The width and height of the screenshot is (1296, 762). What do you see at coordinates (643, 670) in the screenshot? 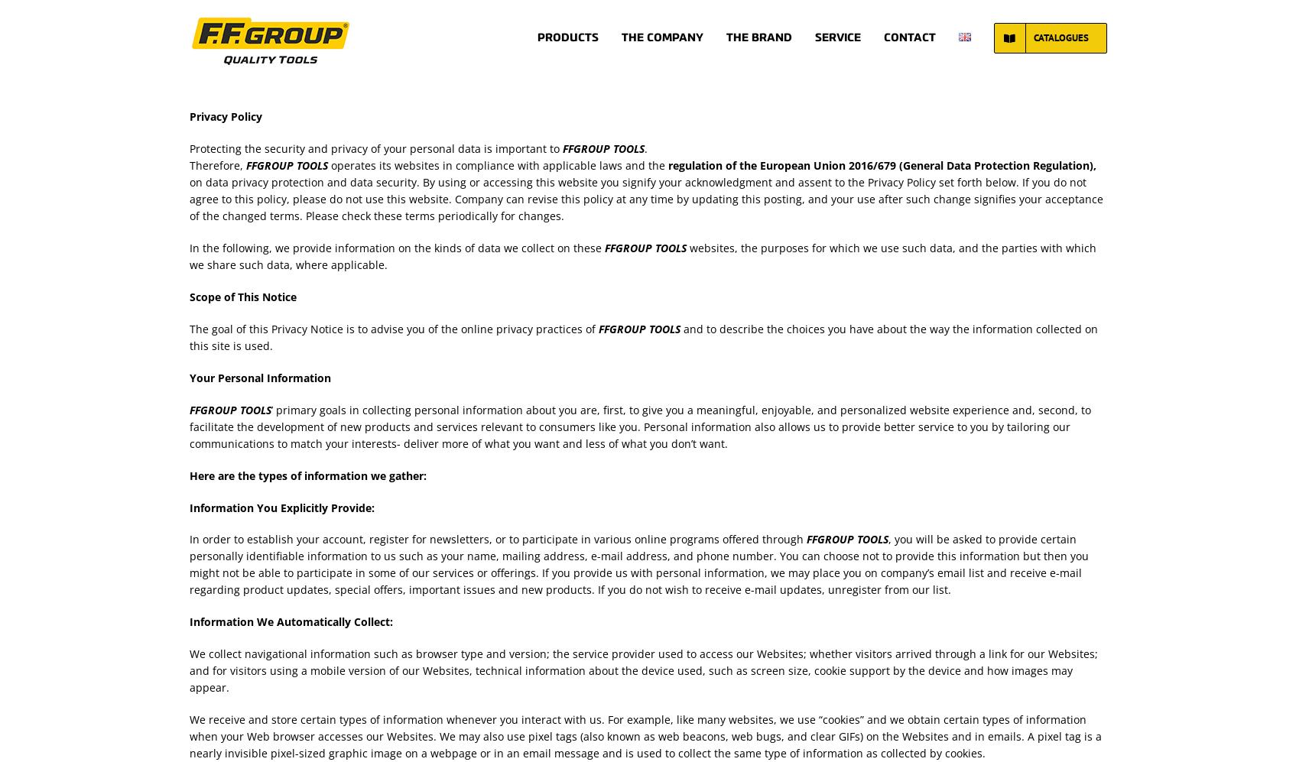
I see `'We collect navigational information such as browser type and version; the service provider used to access our Websites; whether visitors arrived through a link for our Websites; and for visitors using a mobile version of our Websites, technical information about the device used, such as screen size, cookie support by the device and how images may appear.'` at bounding box center [643, 670].